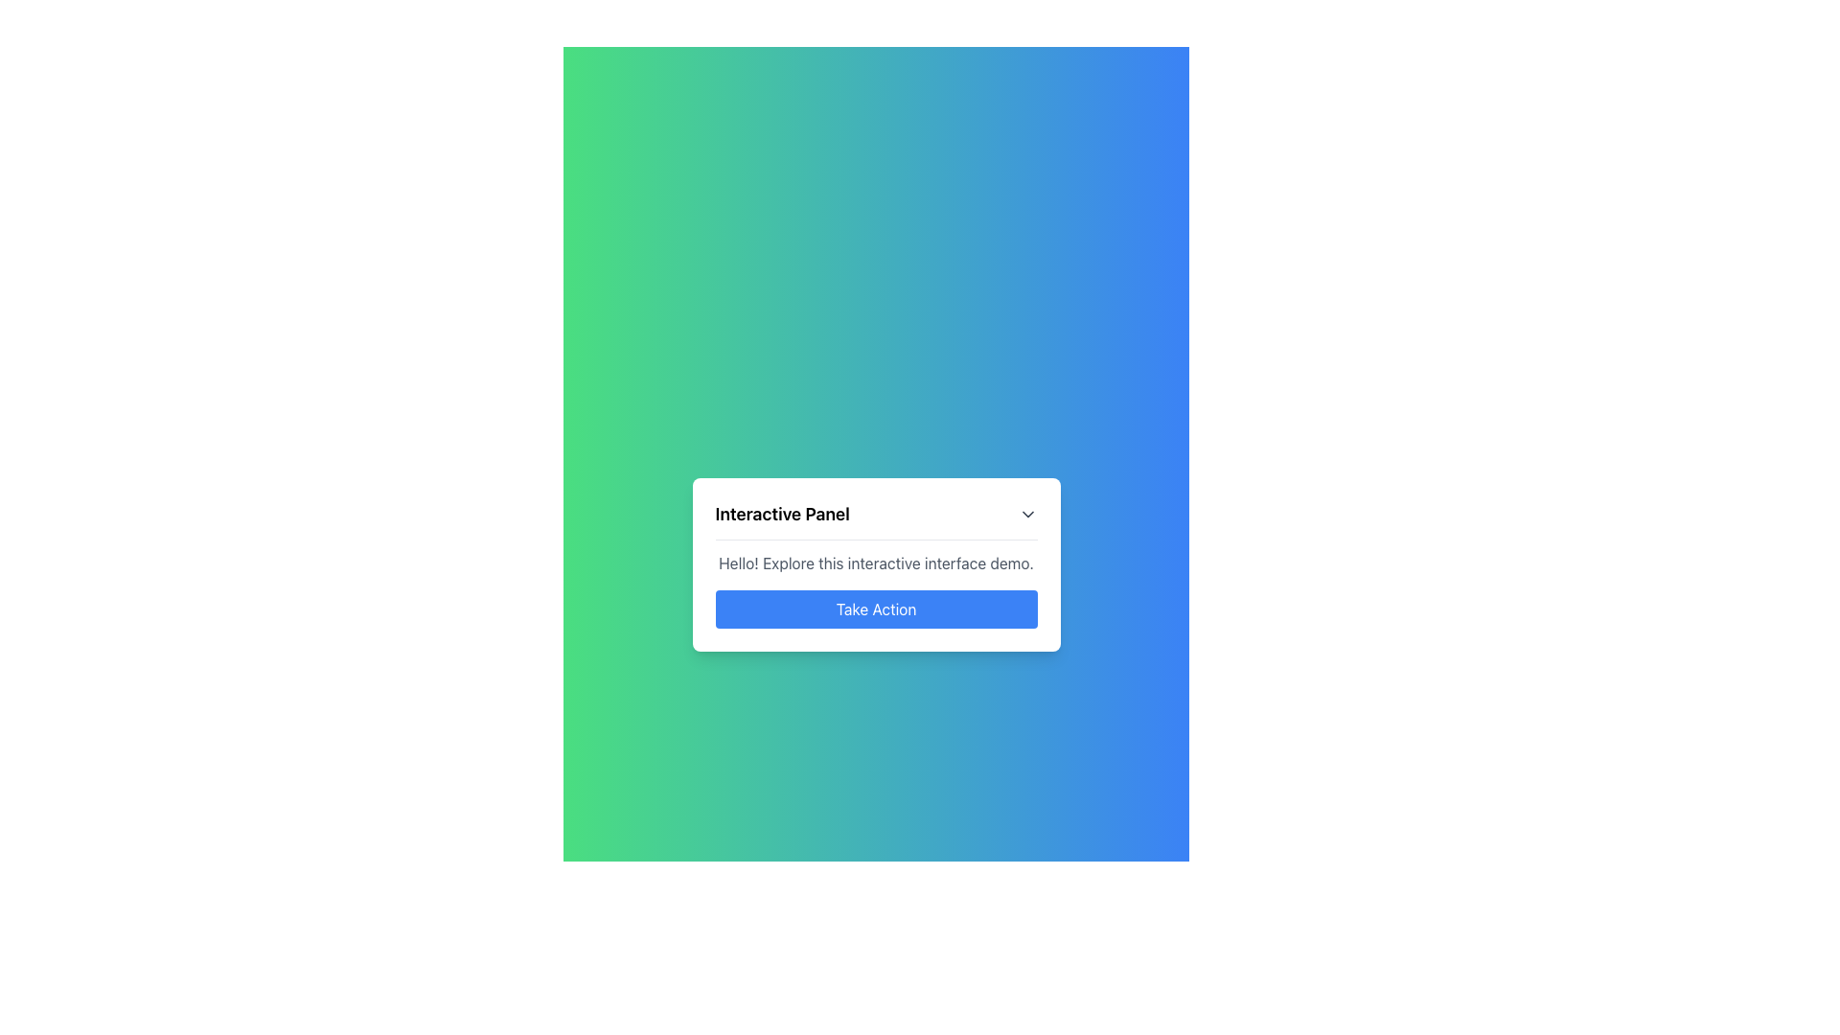  Describe the element at coordinates (1026, 513) in the screenshot. I see `on the Dropdown trigger icon located in the top-right corner of the 'Interactive Panel', positioned directly` at that location.